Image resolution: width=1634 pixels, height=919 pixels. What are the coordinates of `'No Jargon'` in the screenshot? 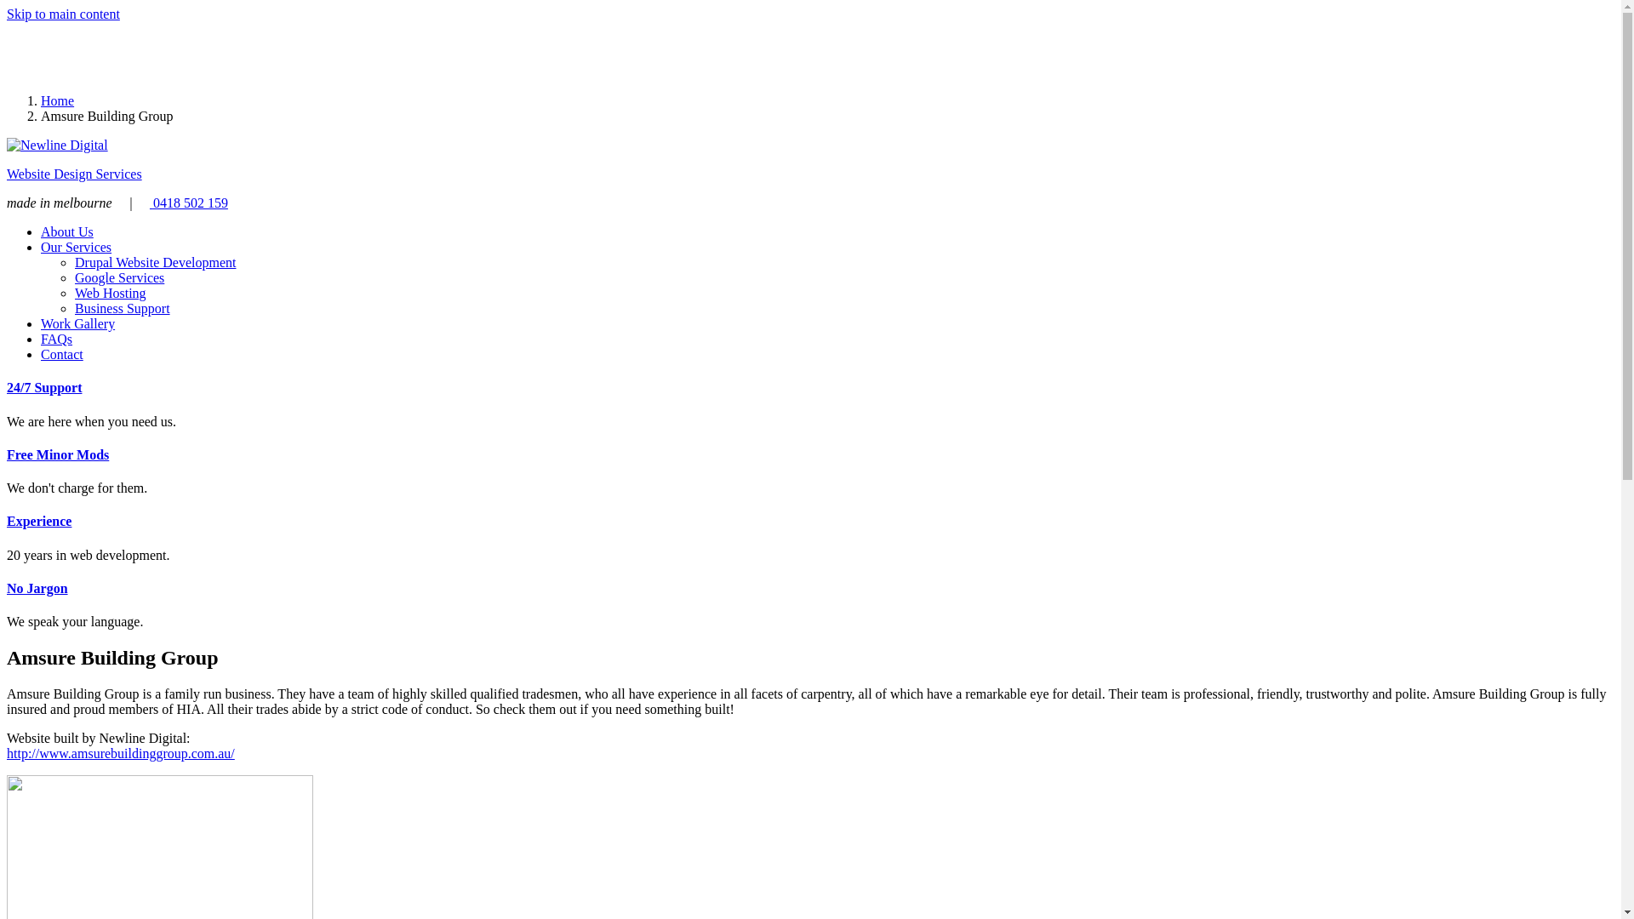 It's located at (7, 587).